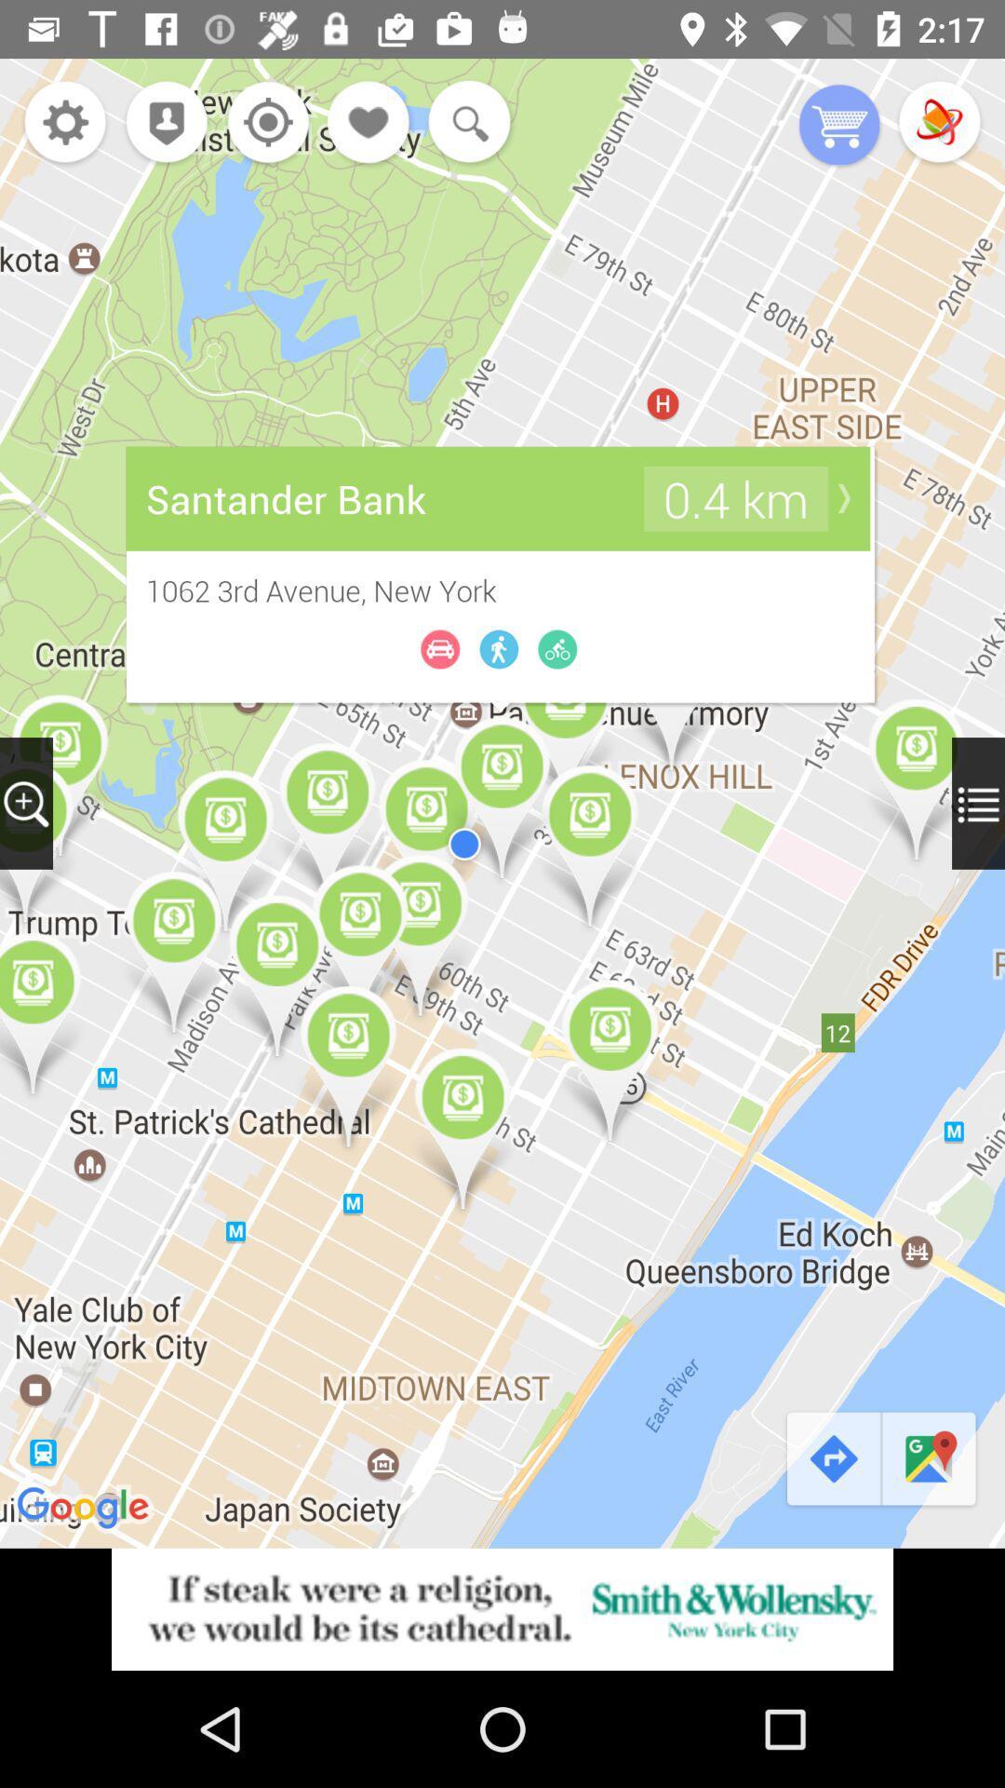  What do you see at coordinates (263, 123) in the screenshot?
I see `determine the location` at bounding box center [263, 123].